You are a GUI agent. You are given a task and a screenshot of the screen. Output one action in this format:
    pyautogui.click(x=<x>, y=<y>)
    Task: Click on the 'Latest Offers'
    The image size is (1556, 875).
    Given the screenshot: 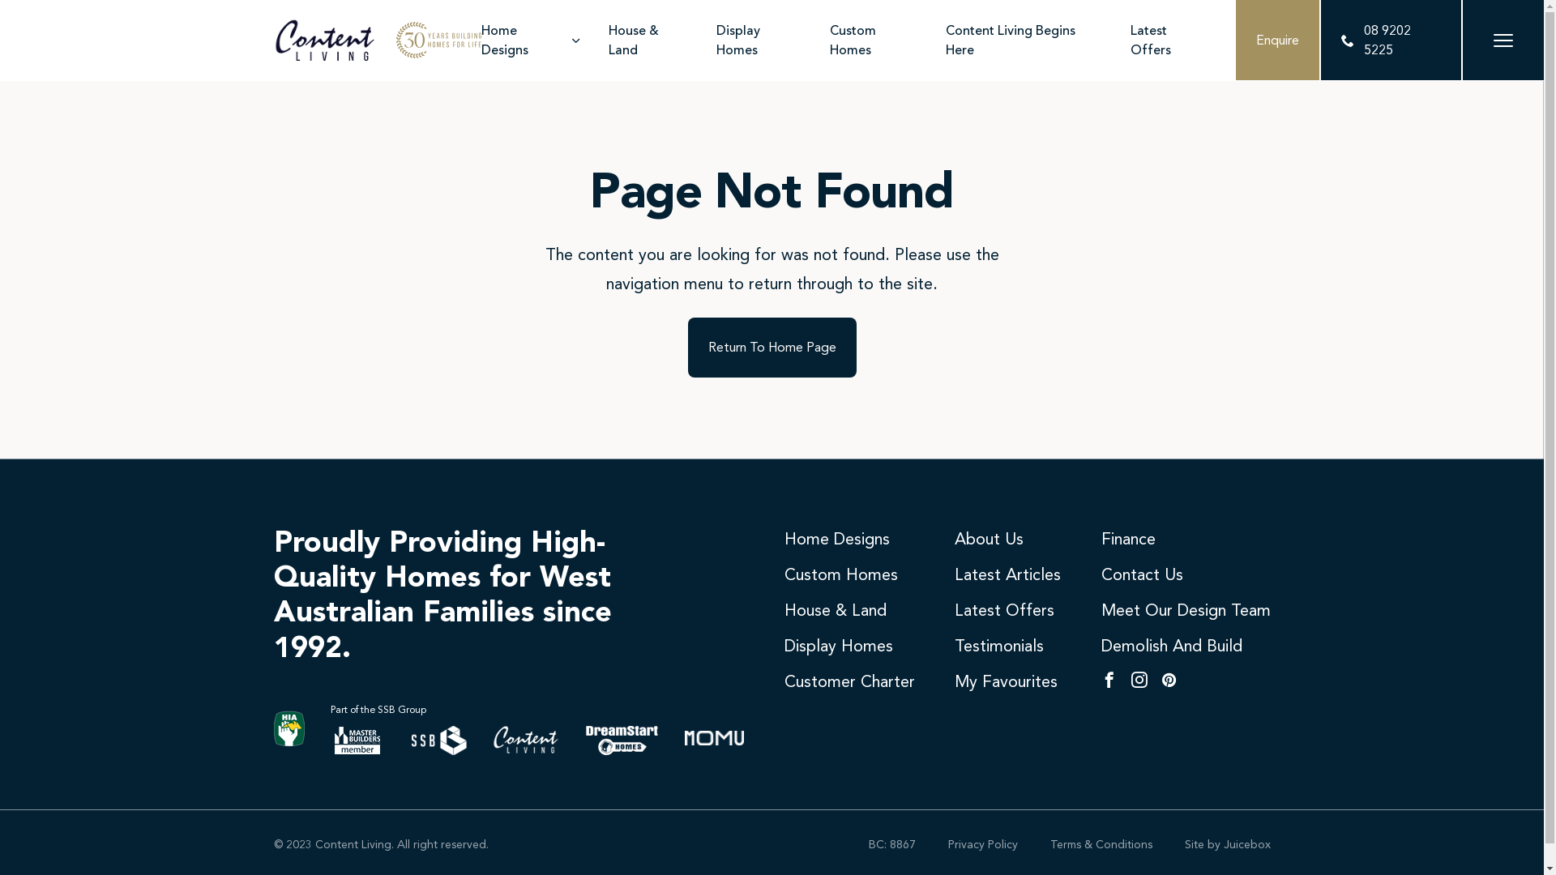 What is the action you would take?
    pyautogui.click(x=1003, y=609)
    